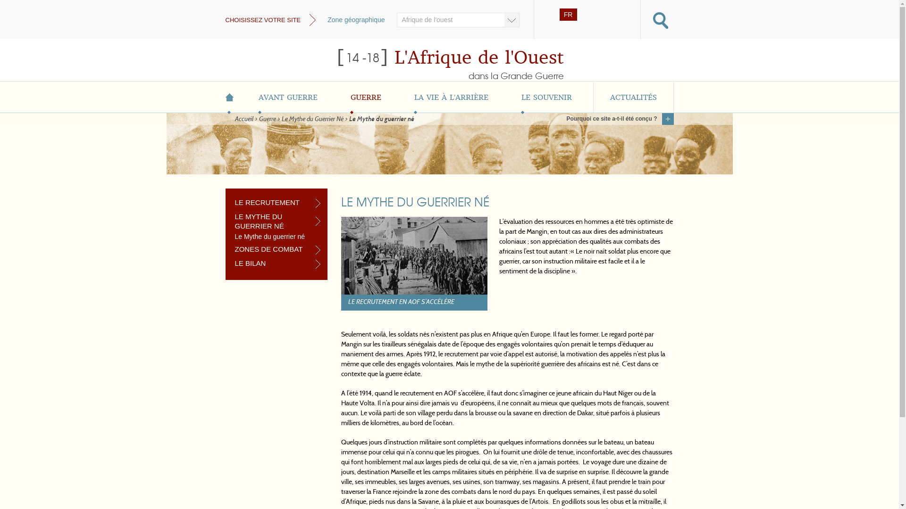 This screenshot has height=509, width=906. What do you see at coordinates (546, 97) in the screenshot?
I see `'LE SOUVENIR'` at bounding box center [546, 97].